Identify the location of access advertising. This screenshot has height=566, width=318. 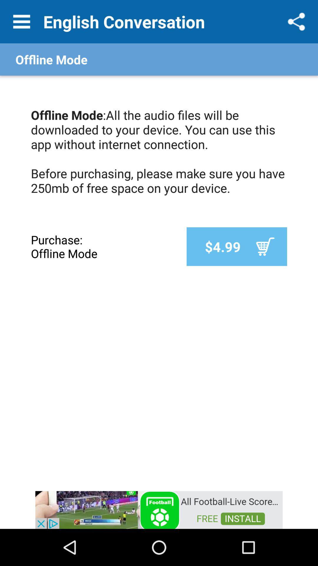
(159, 509).